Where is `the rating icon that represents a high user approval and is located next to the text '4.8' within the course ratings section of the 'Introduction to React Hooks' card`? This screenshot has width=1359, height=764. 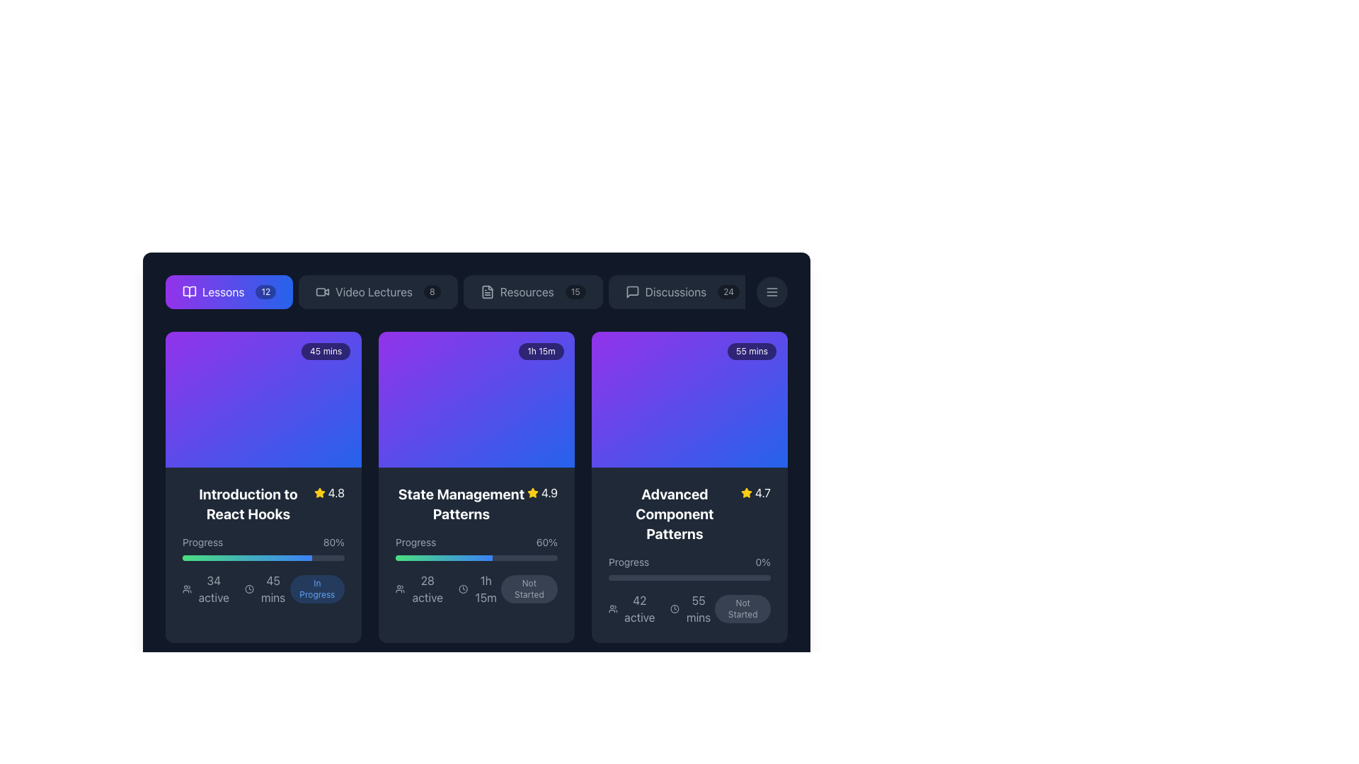 the rating icon that represents a high user approval and is located next to the text '4.8' within the course ratings section of the 'Introduction to React Hooks' card is located at coordinates (319, 492).